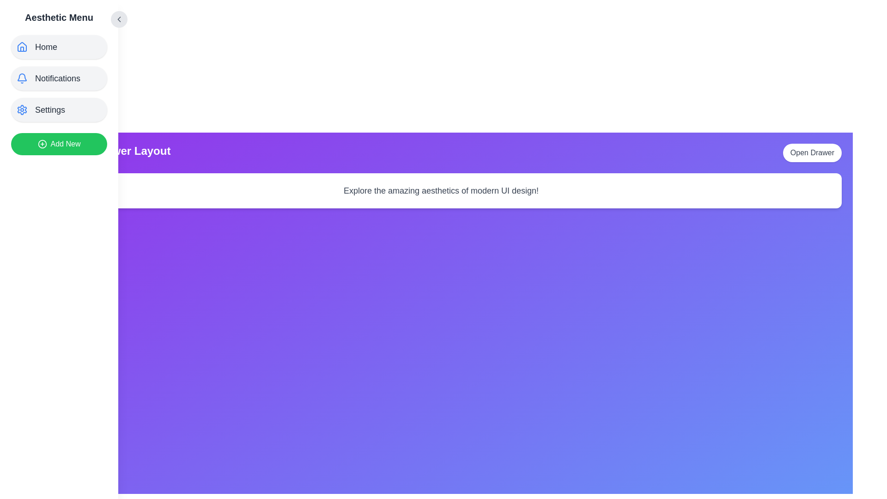 This screenshot has height=499, width=887. I want to click on the 'Notifications' button, which is the second button in a vertical list within a side panel, to trigger a hover state, so click(59, 78).